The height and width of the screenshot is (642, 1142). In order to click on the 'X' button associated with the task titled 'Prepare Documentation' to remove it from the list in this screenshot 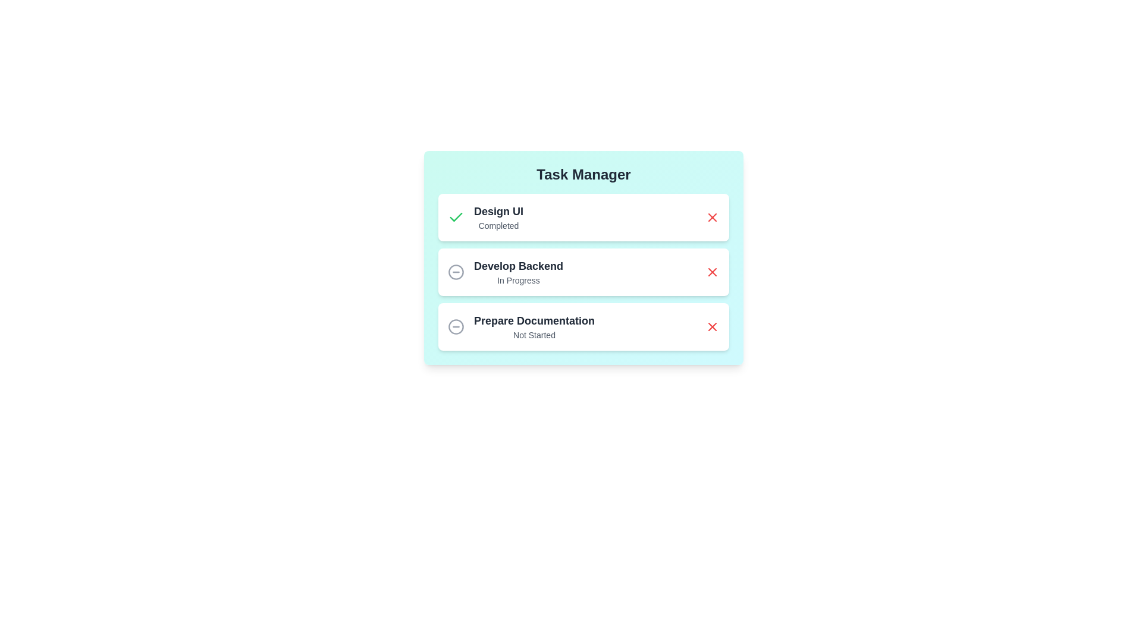, I will do `click(713, 327)`.